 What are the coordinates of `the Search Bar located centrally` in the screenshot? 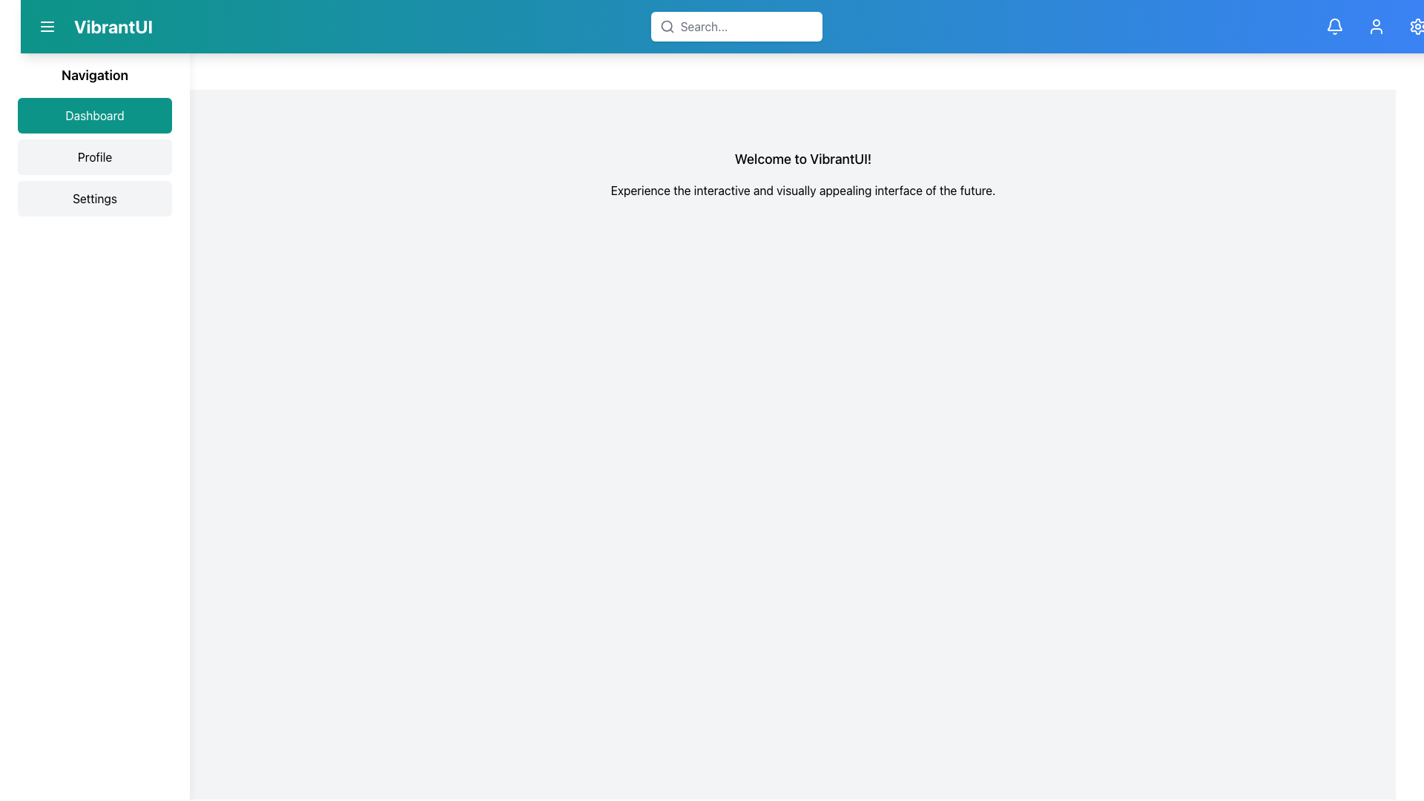 It's located at (736, 26).